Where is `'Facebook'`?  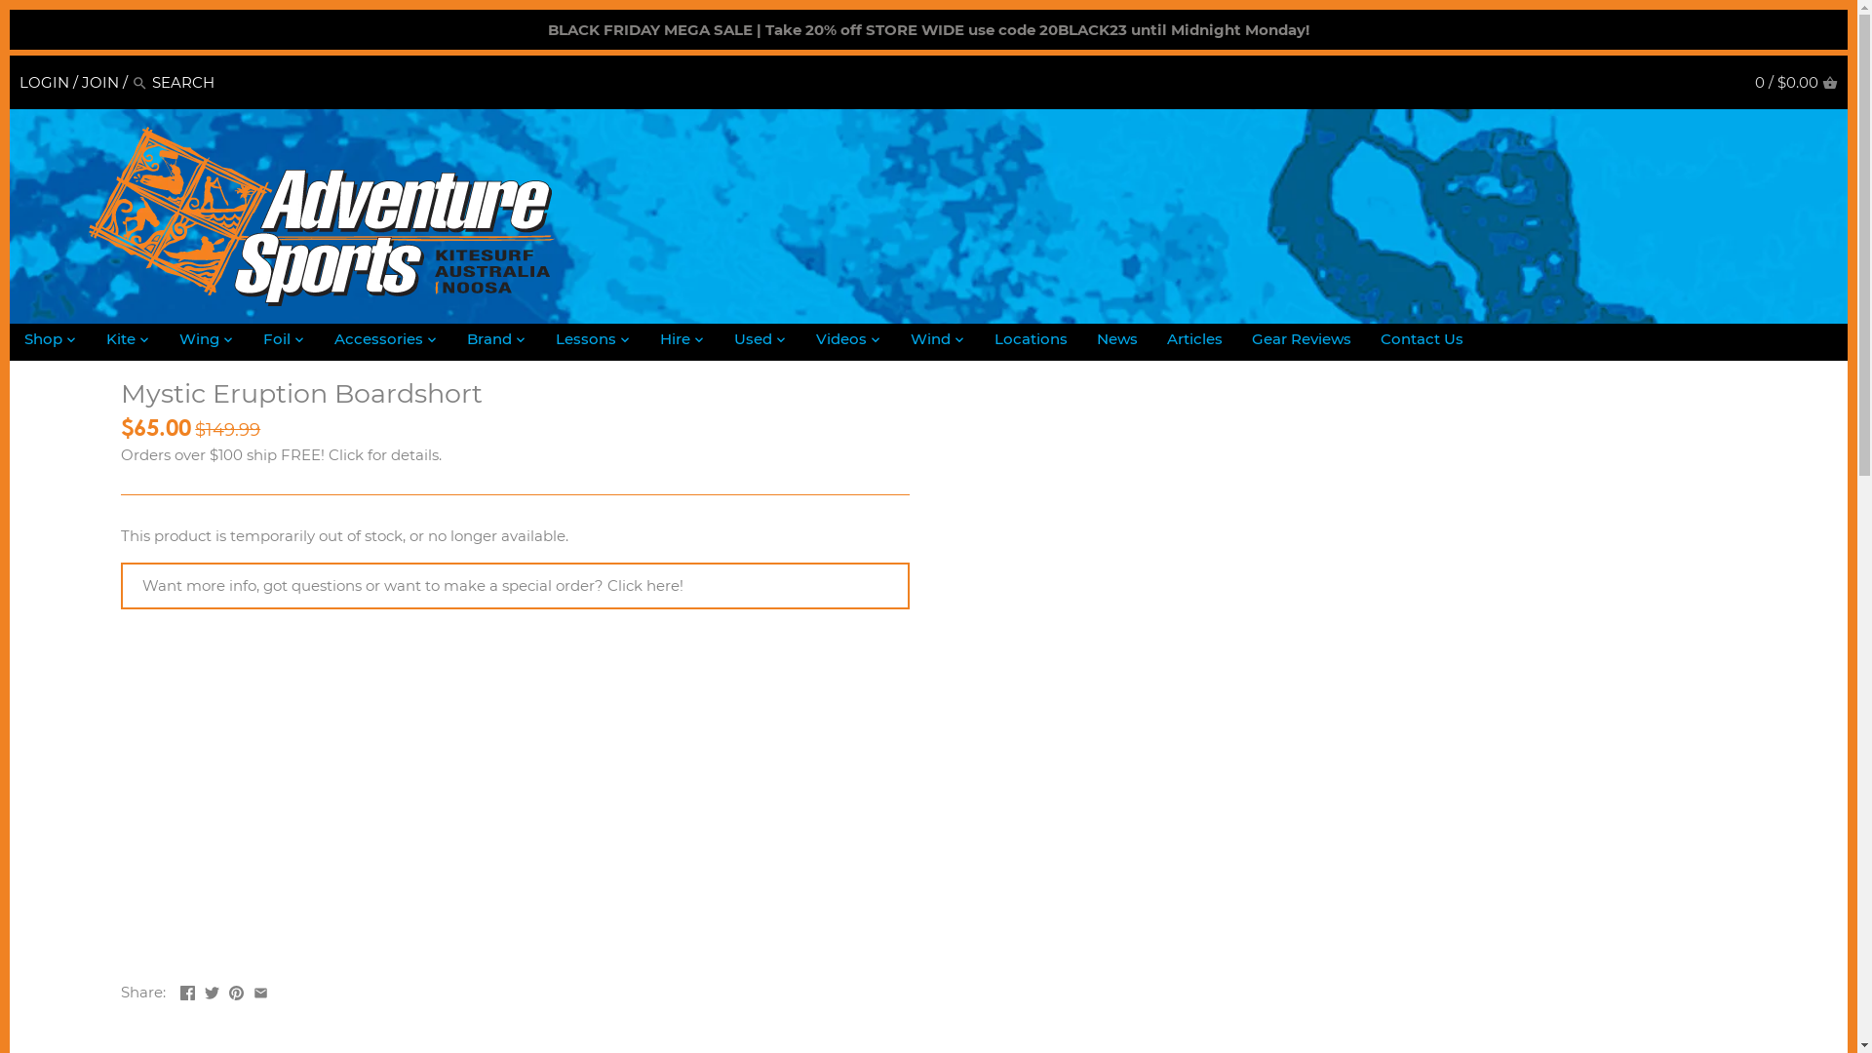 'Facebook' is located at coordinates (187, 990).